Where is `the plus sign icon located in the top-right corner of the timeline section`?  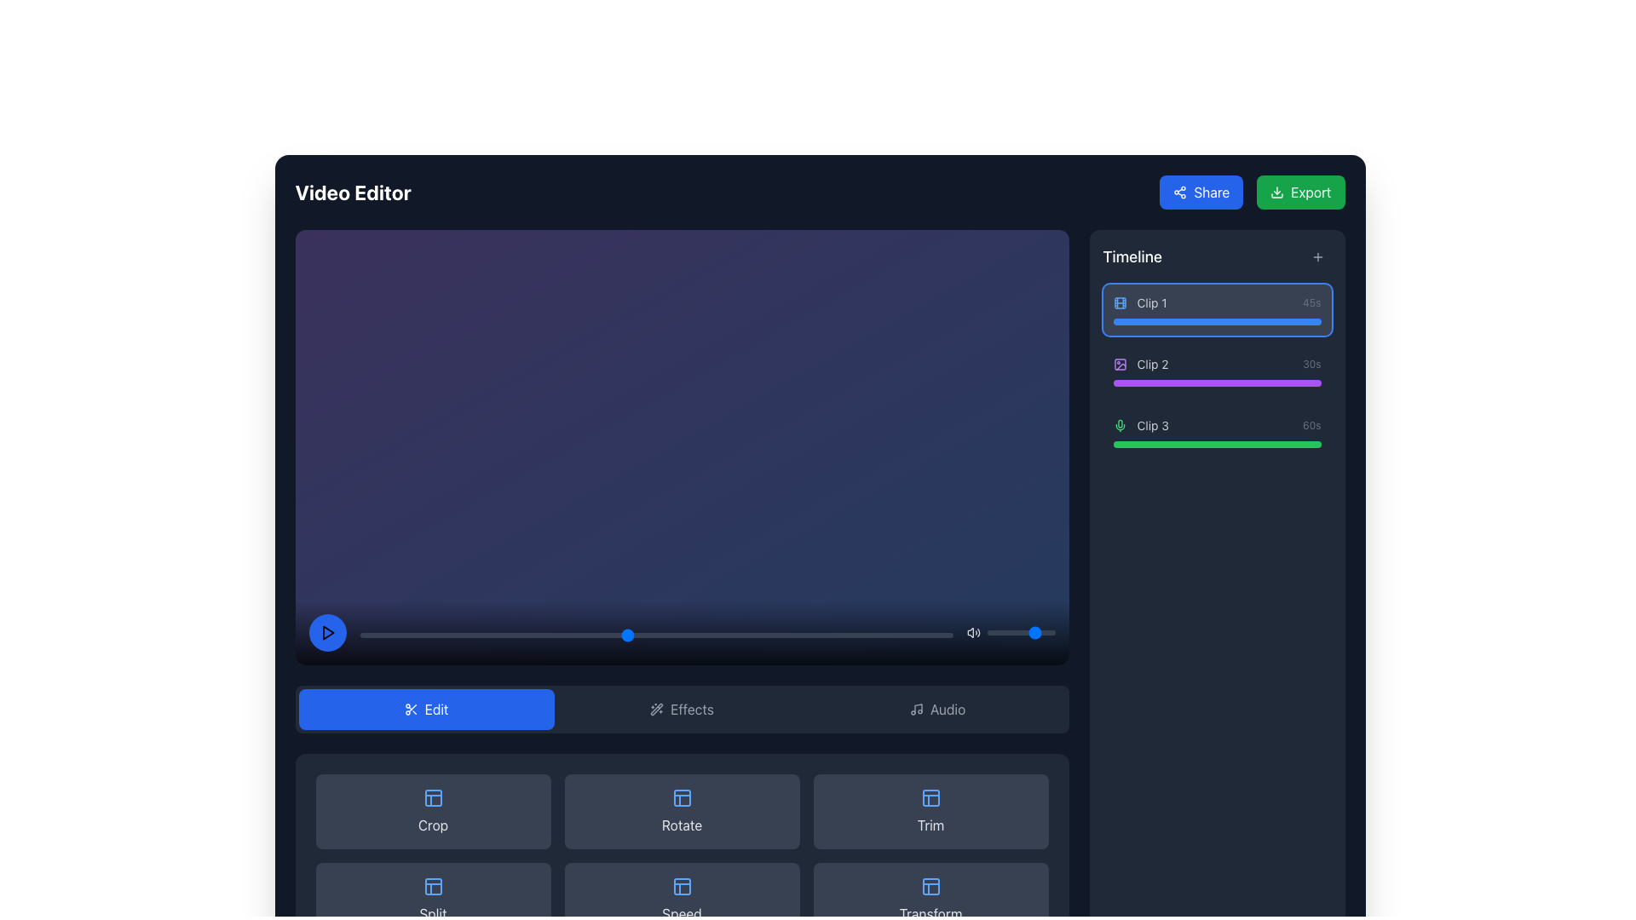 the plus sign icon located in the top-right corner of the timeline section is located at coordinates (1316, 256).